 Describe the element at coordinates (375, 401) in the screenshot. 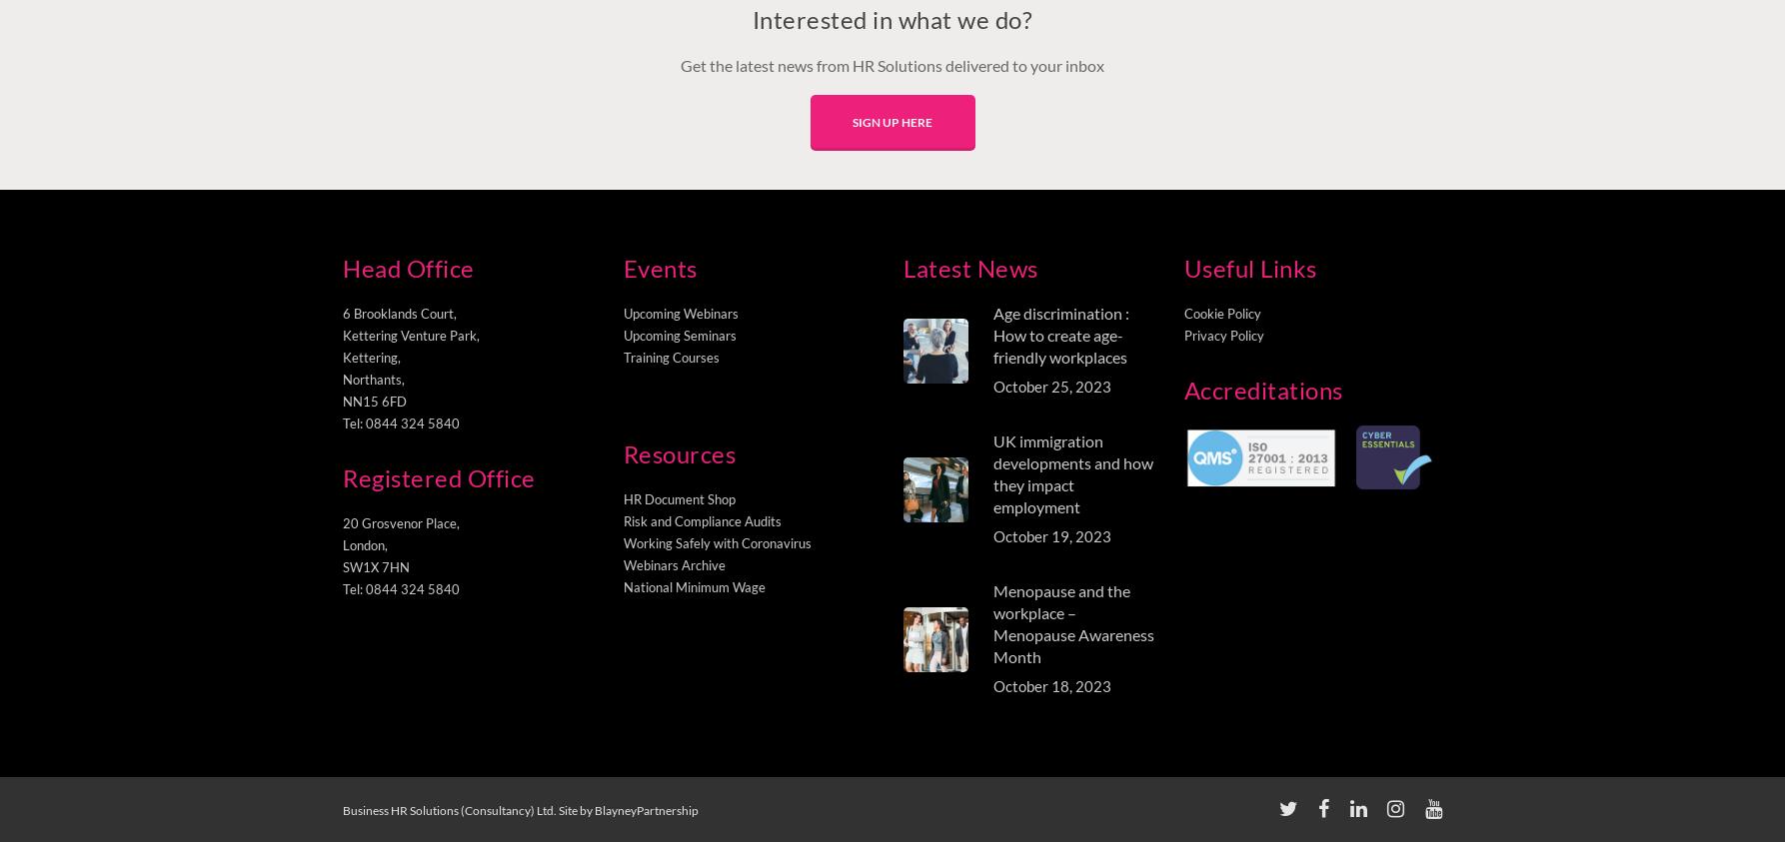

I see `'NN15 6FD'` at that location.